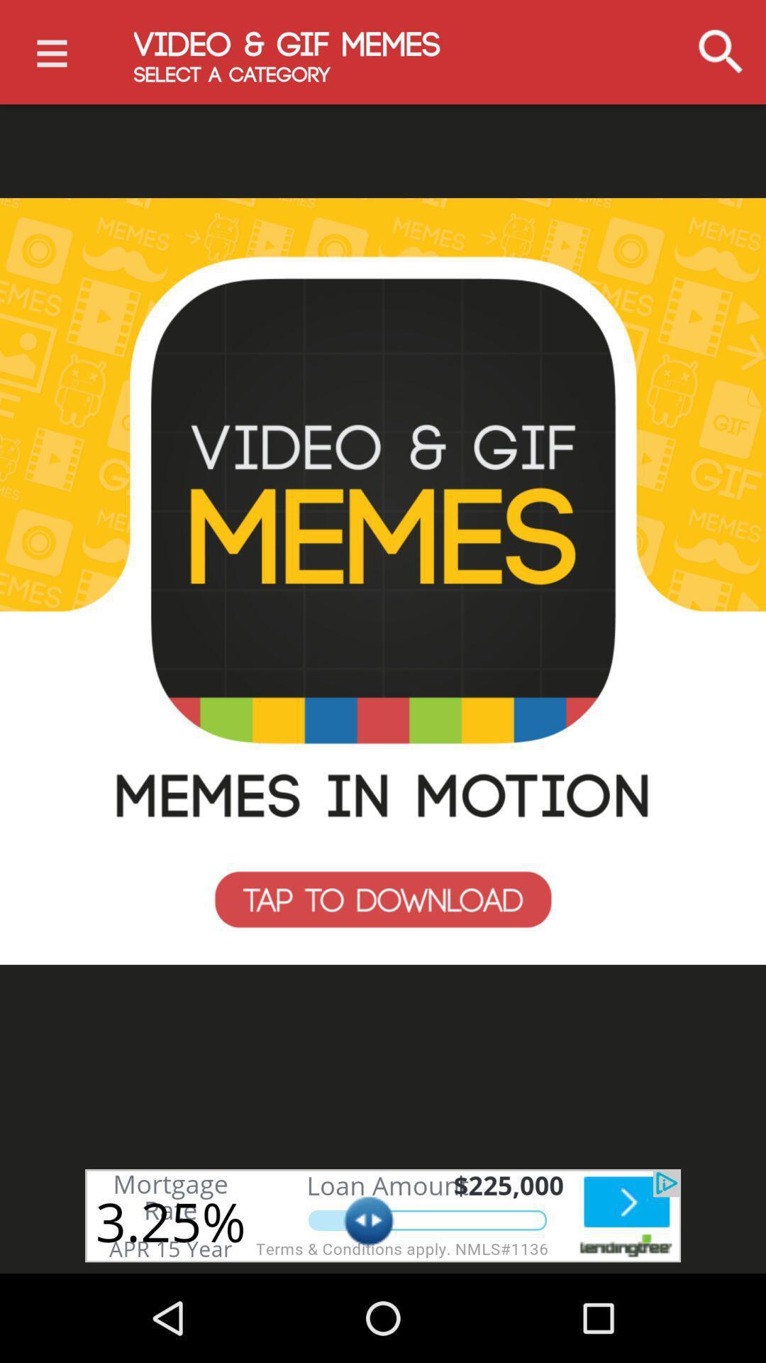  What do you see at coordinates (383, 581) in the screenshot?
I see `main content window` at bounding box center [383, 581].